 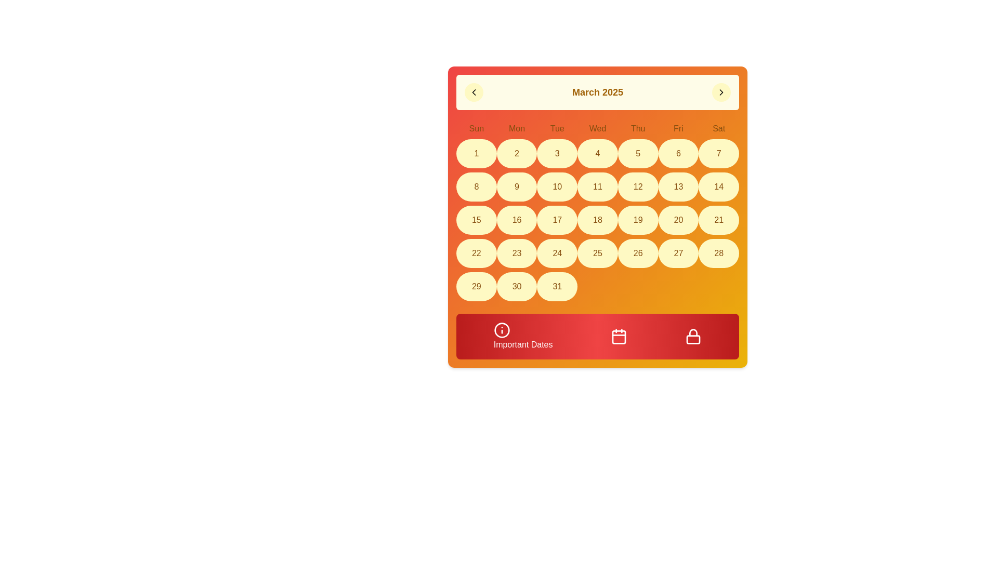 What do you see at coordinates (598, 91) in the screenshot?
I see `the static text label displaying 'March 2025', which is bold, yellow, and centrally positioned above the calendar grid` at bounding box center [598, 91].